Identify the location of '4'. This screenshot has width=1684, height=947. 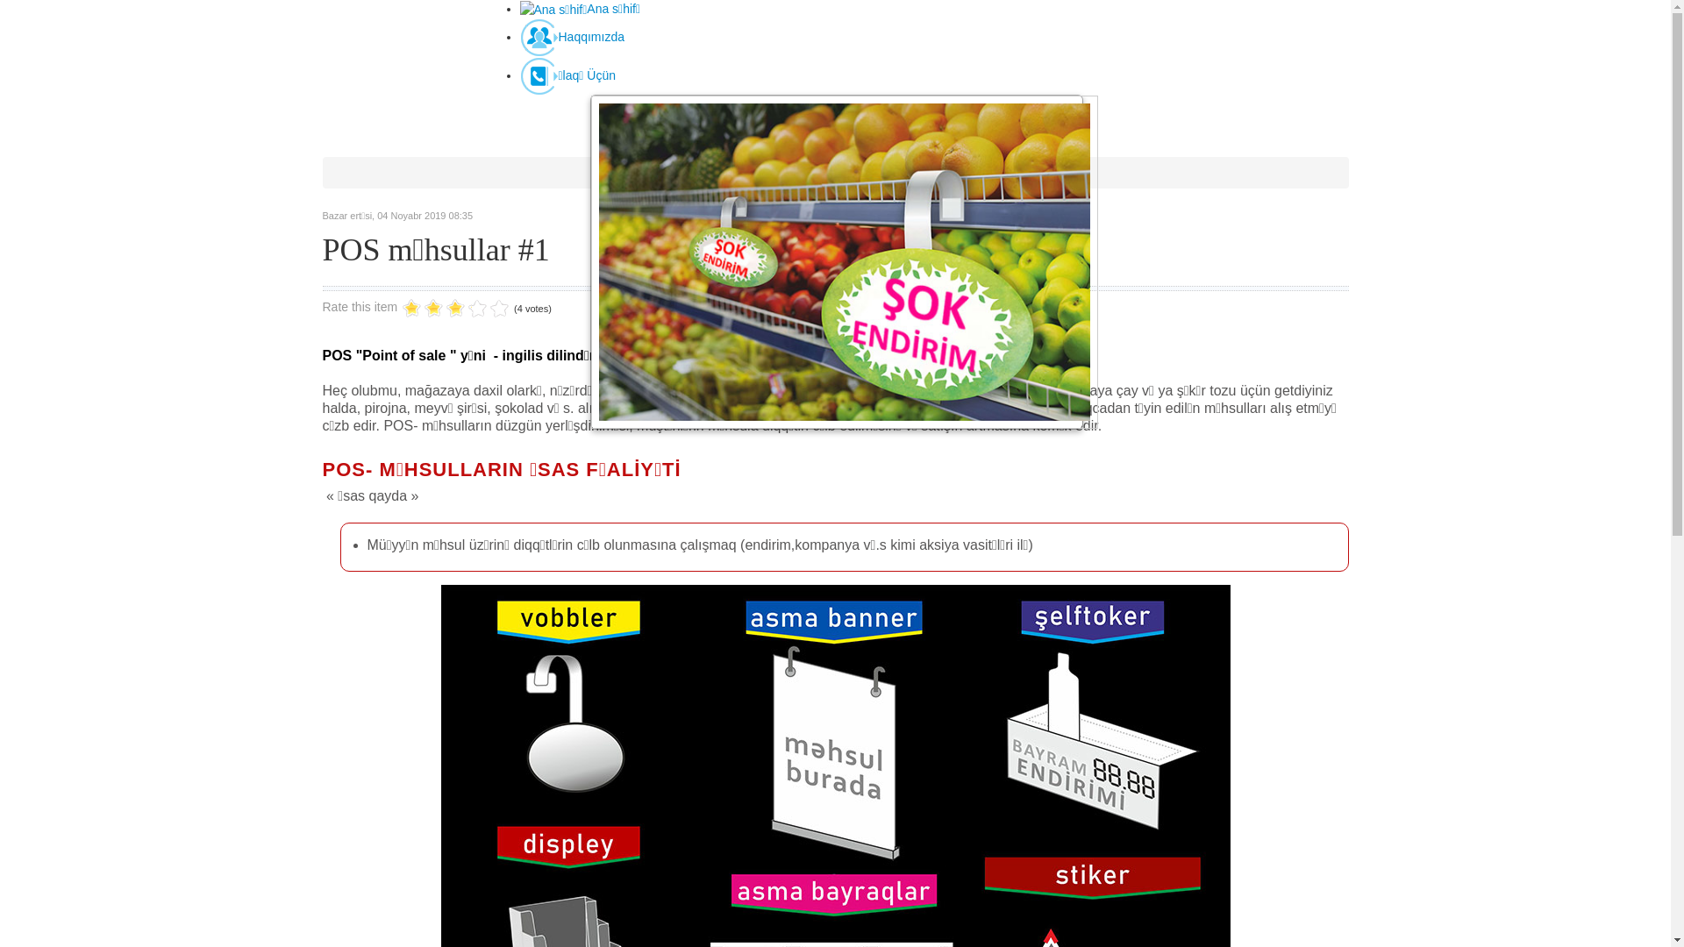
(445, 308).